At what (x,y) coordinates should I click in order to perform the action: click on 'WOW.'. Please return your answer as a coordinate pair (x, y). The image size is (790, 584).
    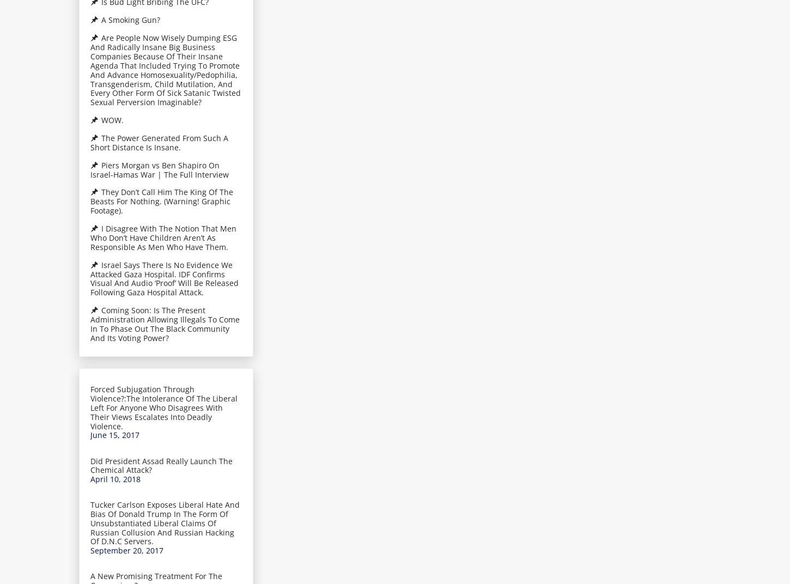
    Looking at the image, I should click on (112, 120).